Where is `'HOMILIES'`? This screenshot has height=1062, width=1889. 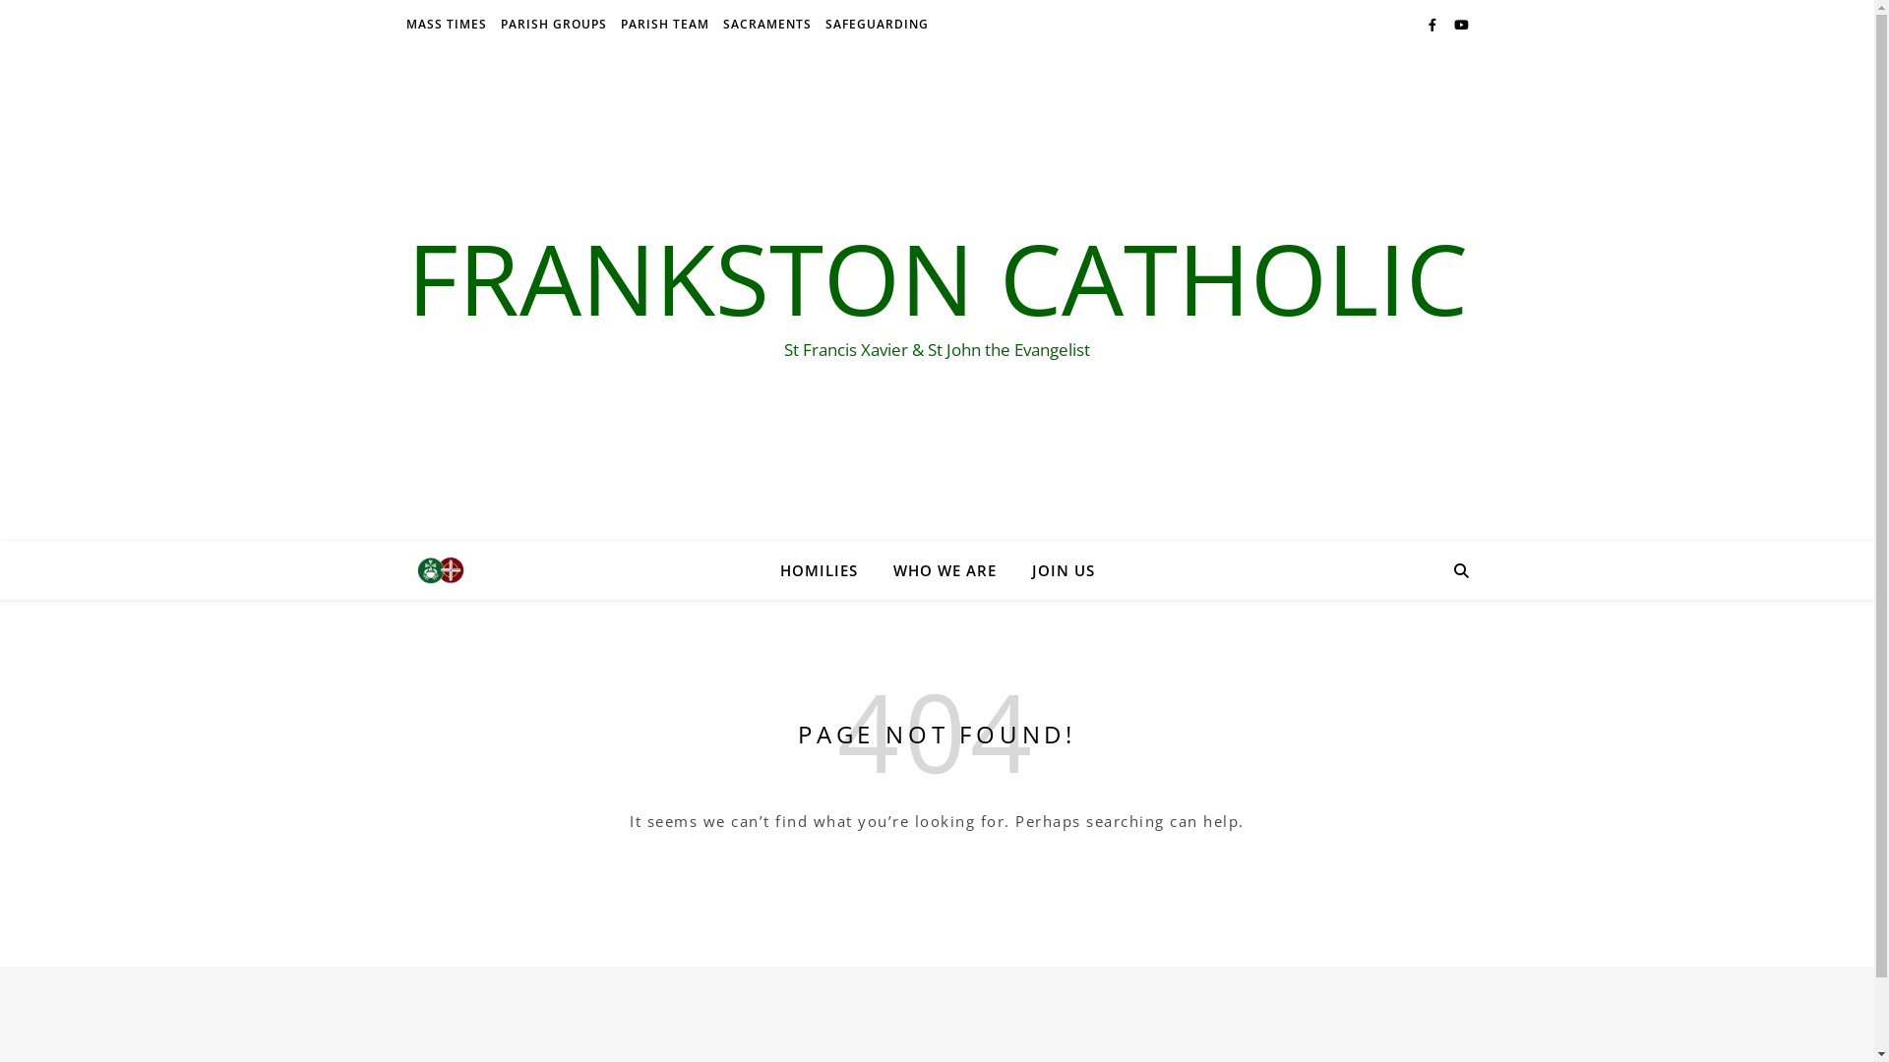
'HOMILIES' is located at coordinates (825, 569).